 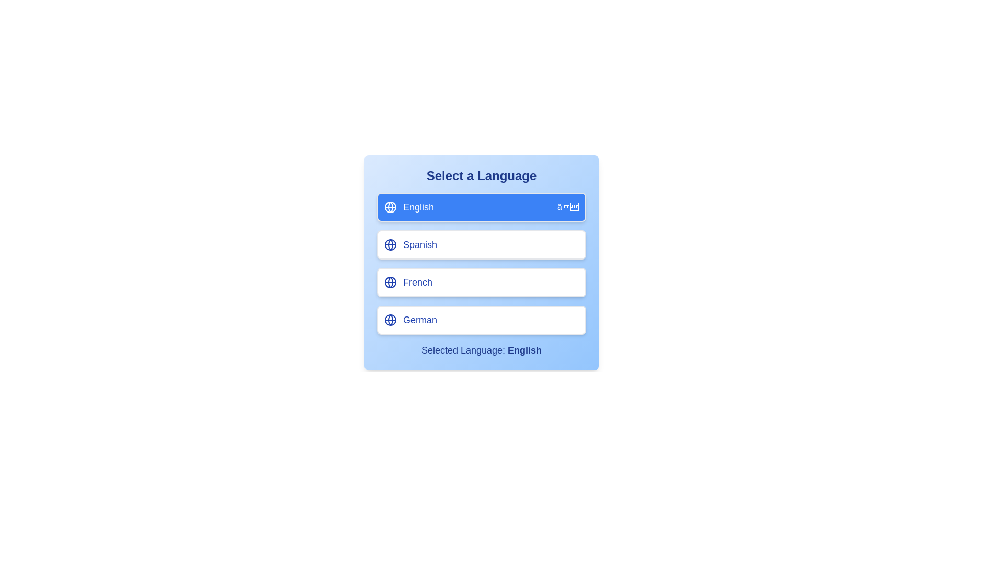 What do you see at coordinates (481, 320) in the screenshot?
I see `the 'German' language option button in the selection panel` at bounding box center [481, 320].